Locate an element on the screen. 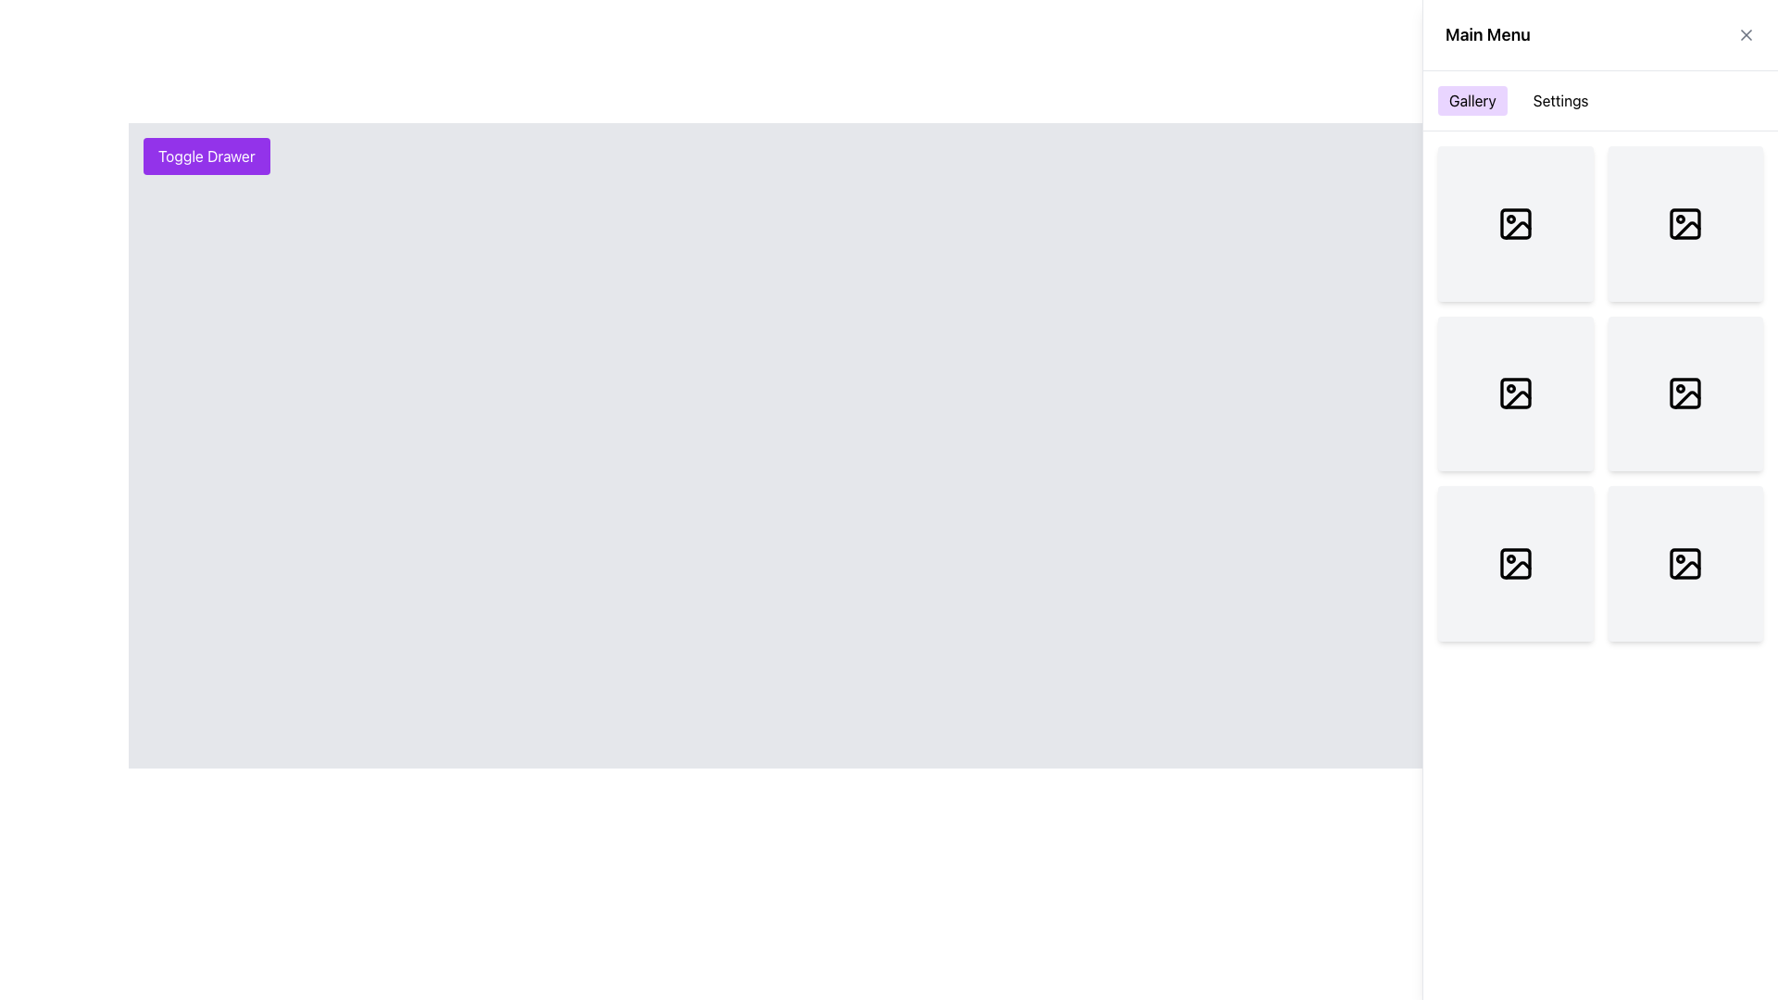  the slanted line component of the image icon located in the lower-right corner of the grid layout is located at coordinates (1687, 399).